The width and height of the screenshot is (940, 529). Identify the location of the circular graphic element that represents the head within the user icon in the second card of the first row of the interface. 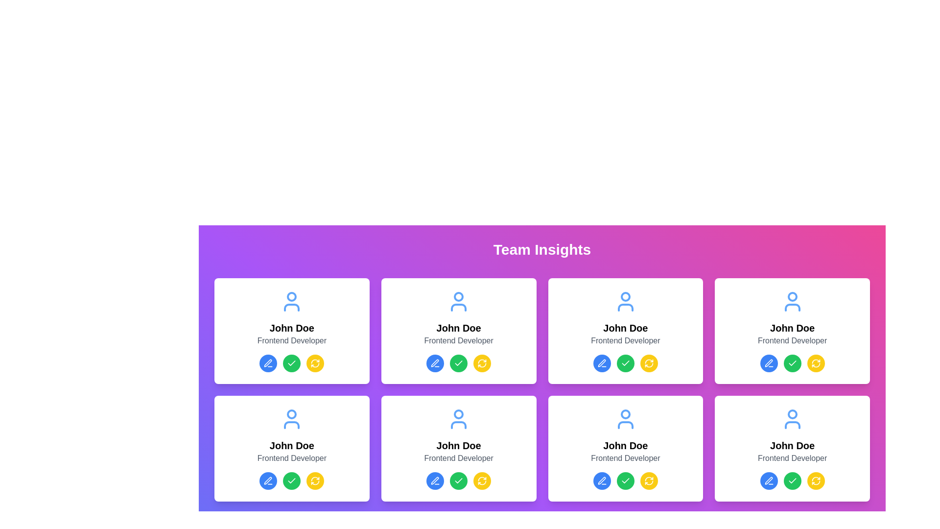
(458, 296).